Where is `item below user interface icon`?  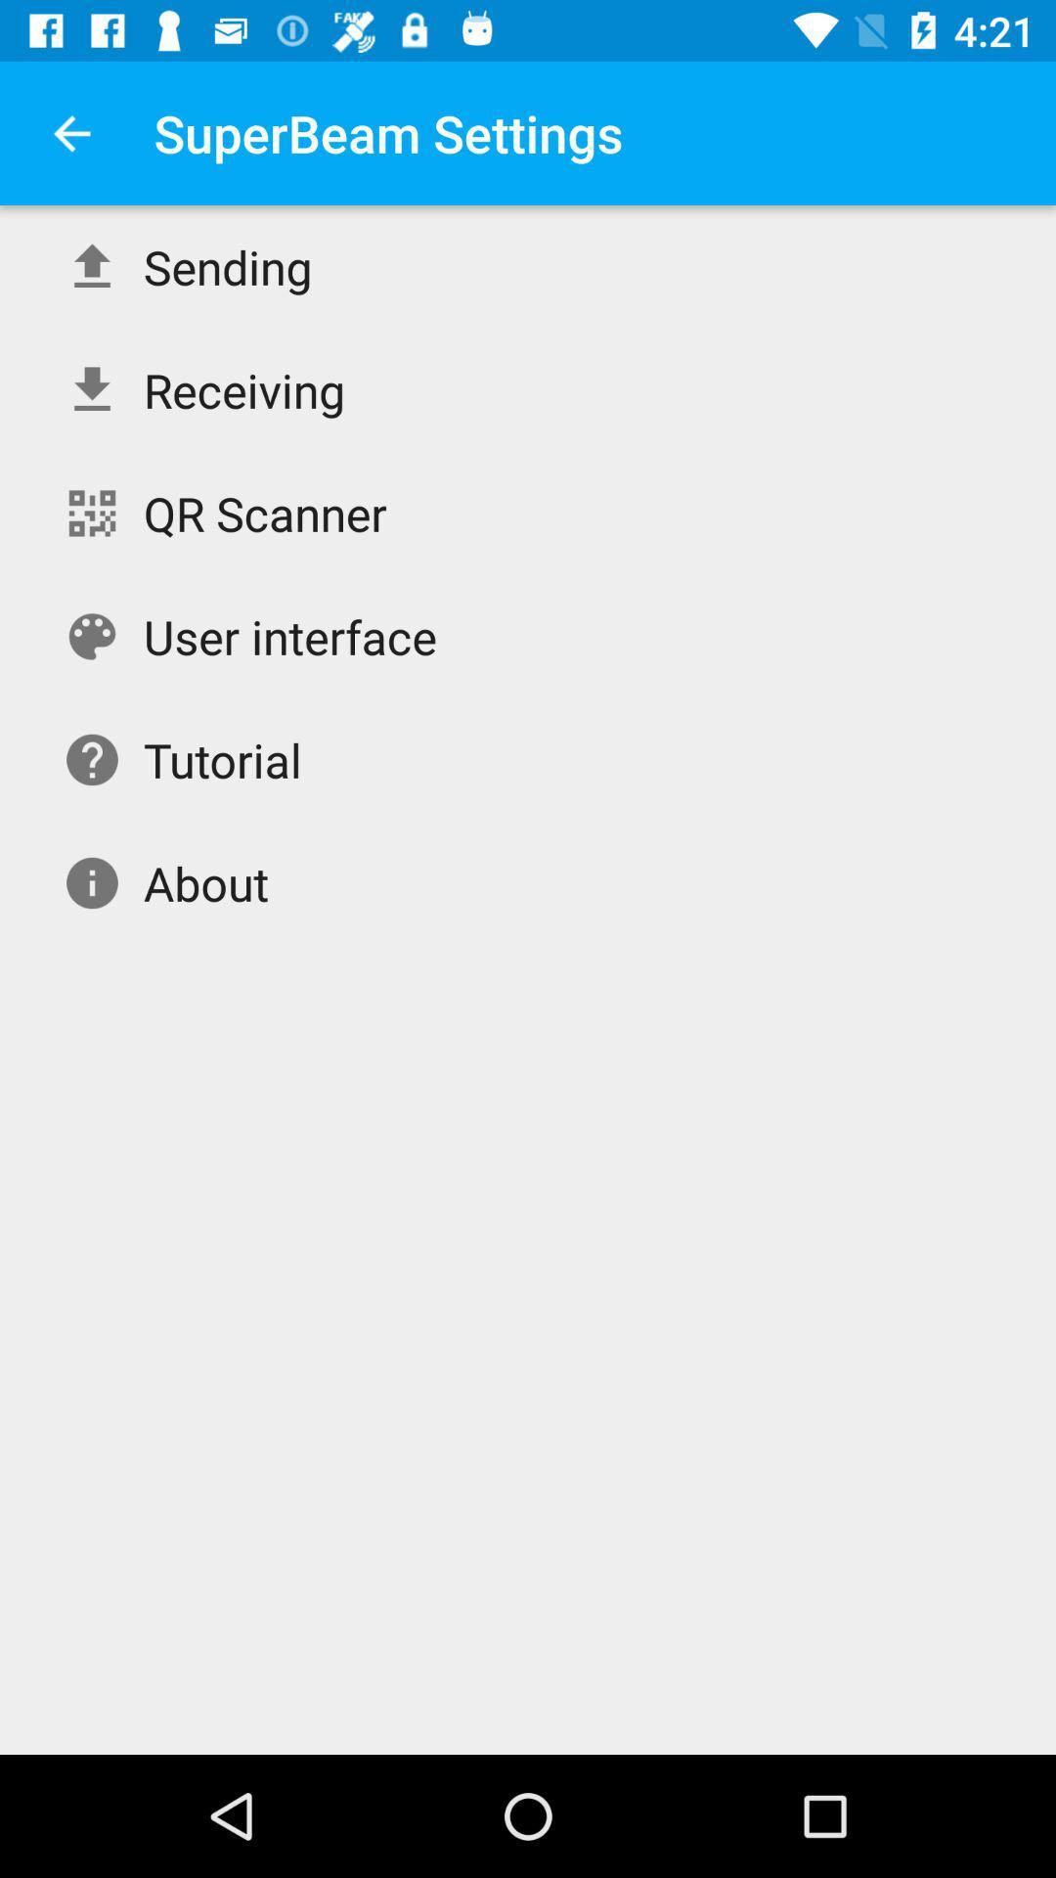
item below user interface icon is located at coordinates (221, 759).